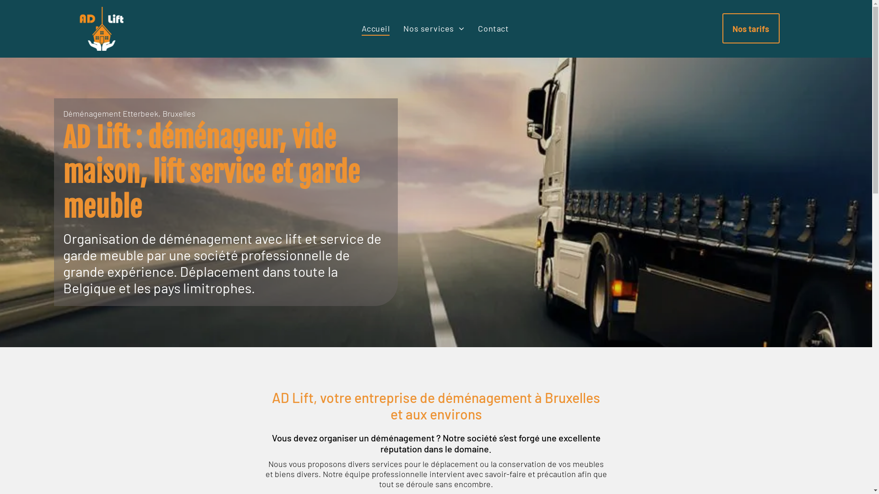  What do you see at coordinates (493, 27) in the screenshot?
I see `'Contact'` at bounding box center [493, 27].